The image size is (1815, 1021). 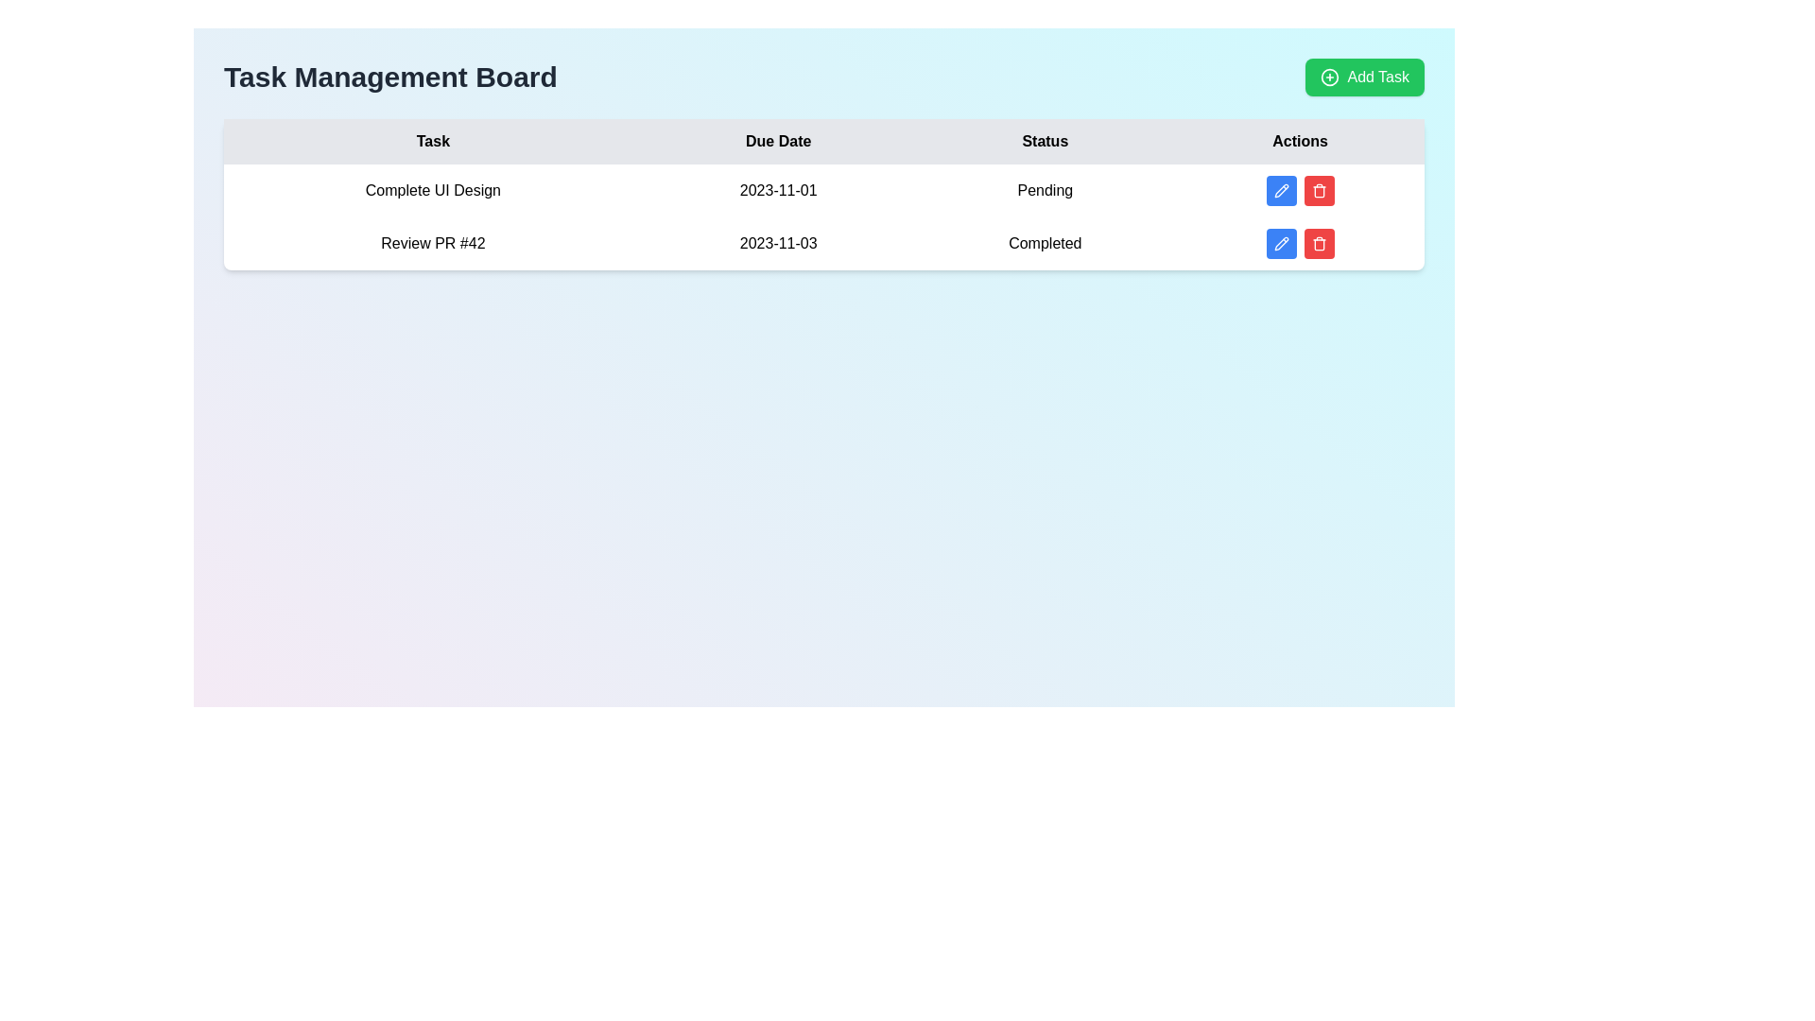 What do you see at coordinates (1318, 190) in the screenshot?
I see `the red 'trash can' icon button with white text located on the right side of the 'Actions' column in the second row of the data table` at bounding box center [1318, 190].